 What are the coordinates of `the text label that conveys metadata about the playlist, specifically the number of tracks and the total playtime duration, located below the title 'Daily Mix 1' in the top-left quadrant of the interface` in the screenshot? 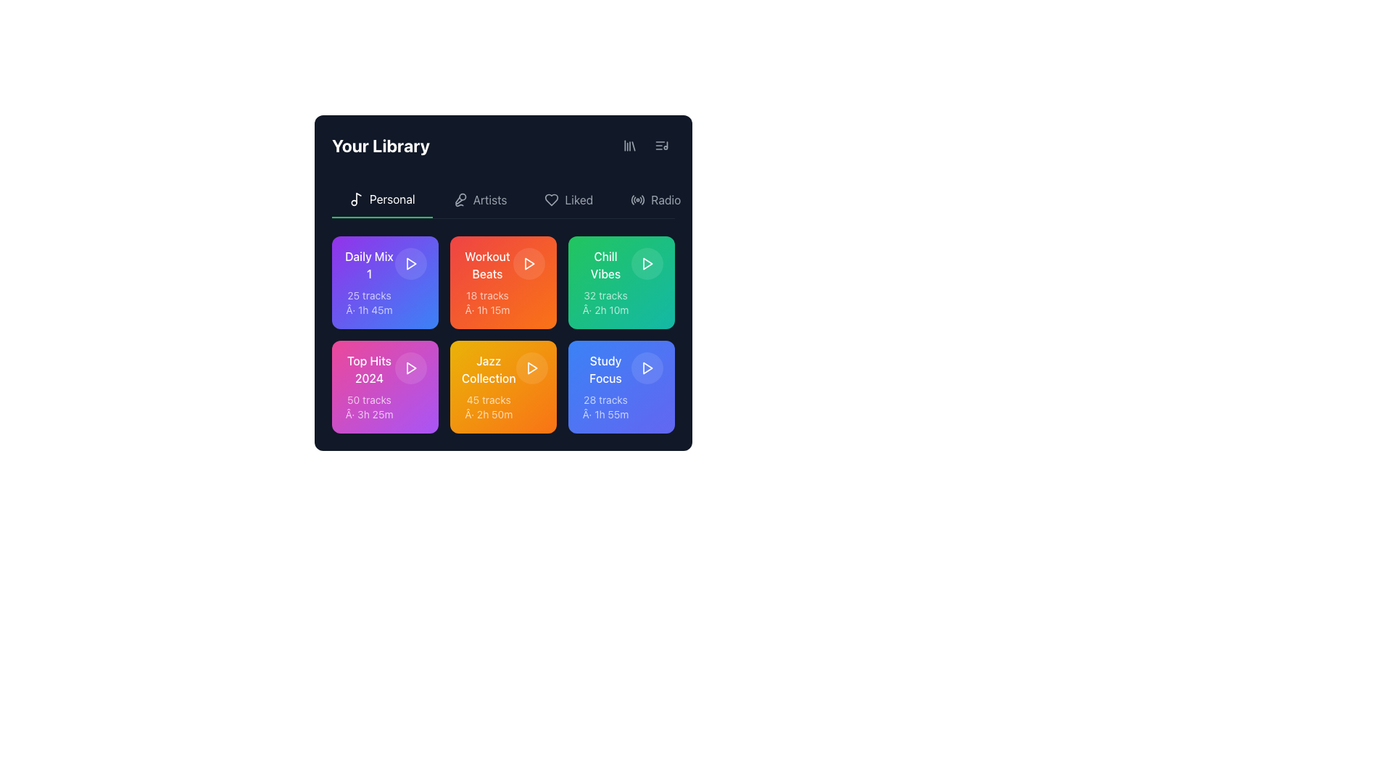 It's located at (369, 302).